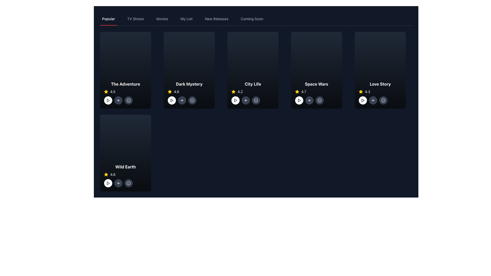 The height and width of the screenshot is (276, 491). Describe the element at coordinates (383, 100) in the screenshot. I see `the circular outline of the graphic icon located at the bottom right of the 'Love Story' card` at that location.